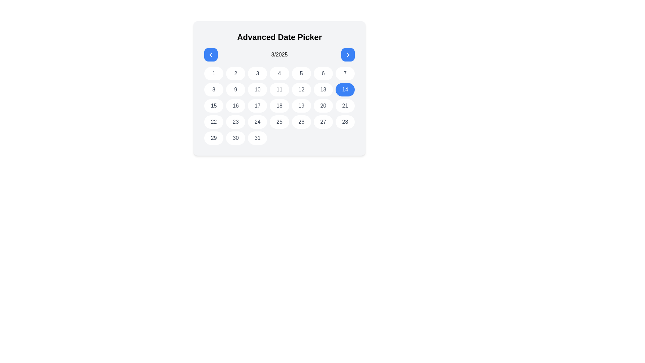 This screenshot has width=645, height=363. Describe the element at coordinates (301, 89) in the screenshot. I see `the circular button labeled '12' in the date picker interface` at that location.